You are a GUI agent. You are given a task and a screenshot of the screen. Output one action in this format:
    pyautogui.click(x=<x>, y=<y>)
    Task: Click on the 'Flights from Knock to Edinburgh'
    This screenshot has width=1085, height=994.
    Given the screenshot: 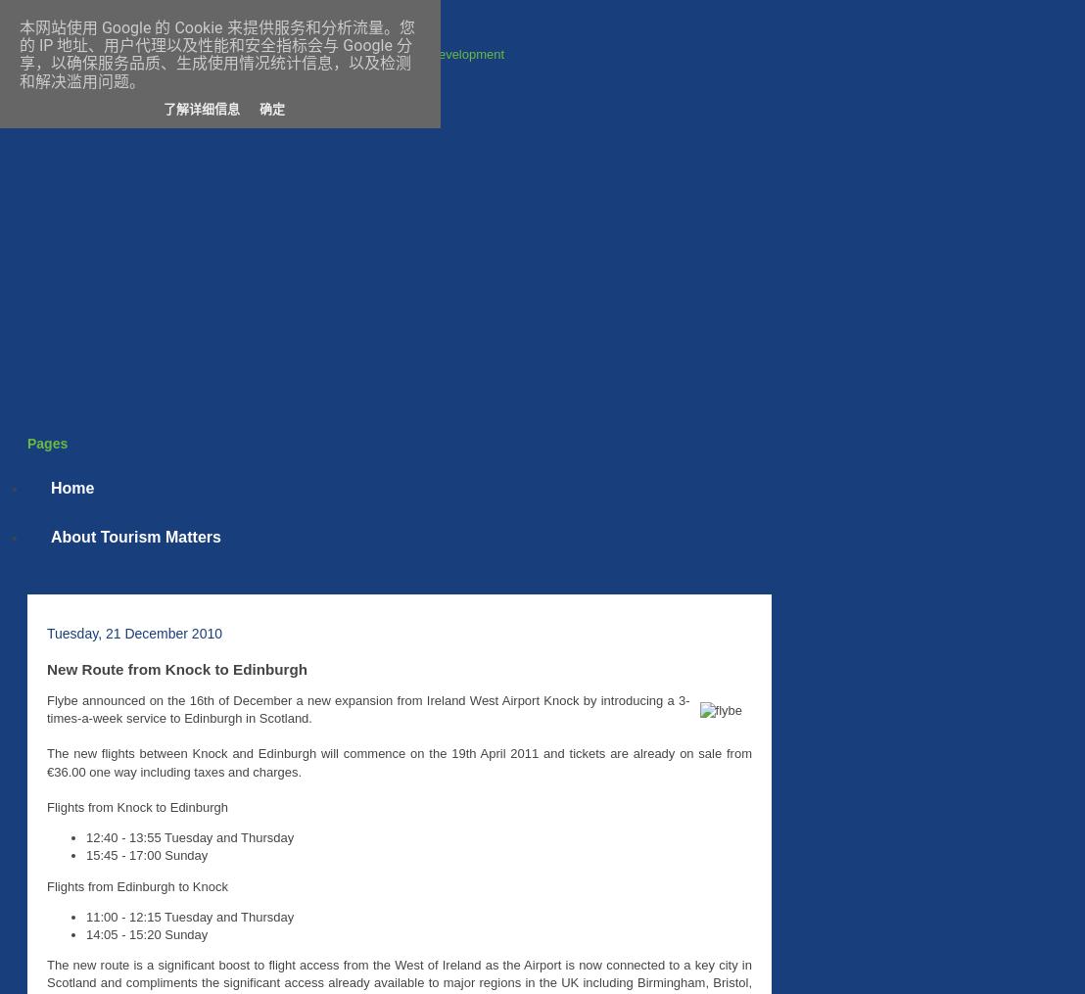 What is the action you would take?
    pyautogui.click(x=138, y=806)
    